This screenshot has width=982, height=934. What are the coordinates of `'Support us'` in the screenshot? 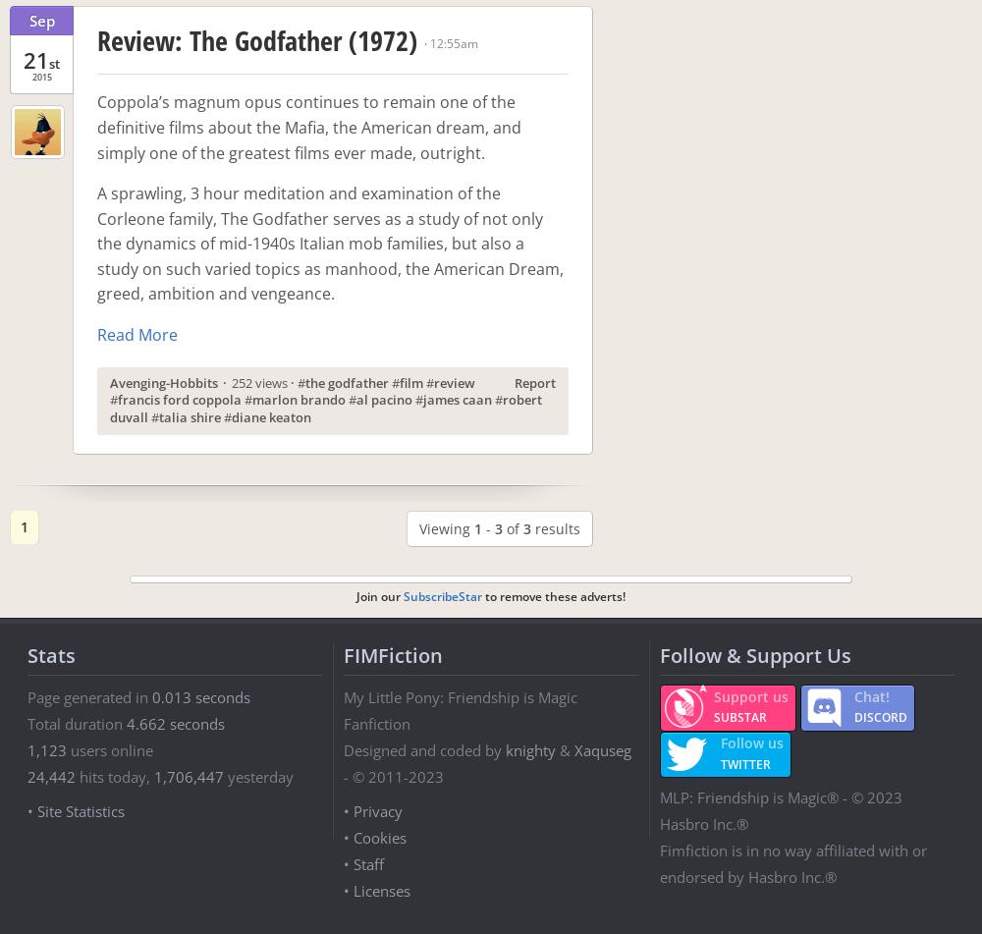 It's located at (751, 696).